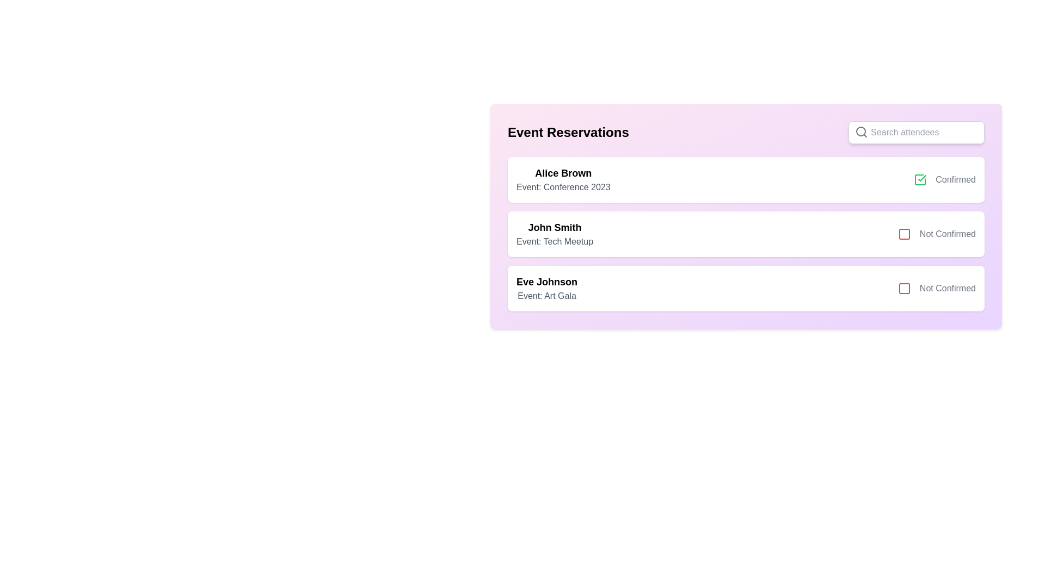 Image resolution: width=1045 pixels, height=587 pixels. What do you see at coordinates (904, 288) in the screenshot?
I see `the SVG rectangle with rounded corners that visually indicates the status for the 'Eve Johnson' reservation entry, located within the status indicator icon` at bounding box center [904, 288].